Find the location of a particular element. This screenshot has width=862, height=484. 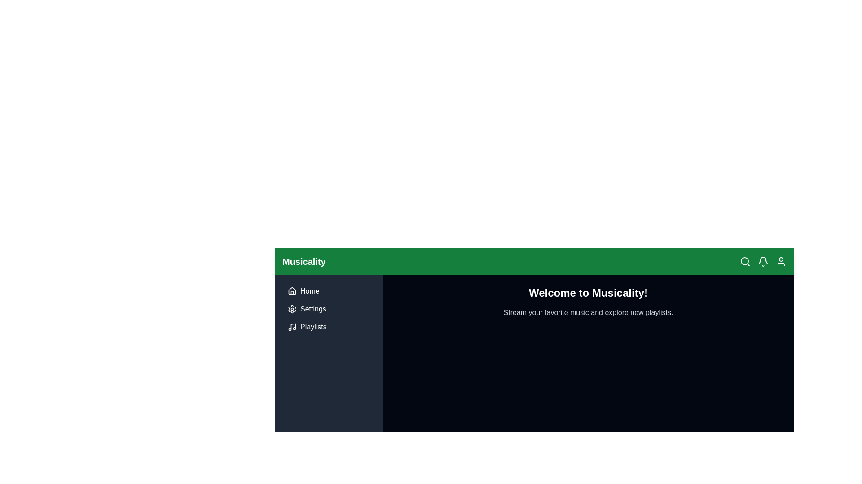

the text label displaying 'Musicality' which is located in the green header bar on the upper left portion of the interface is located at coordinates (304, 261).